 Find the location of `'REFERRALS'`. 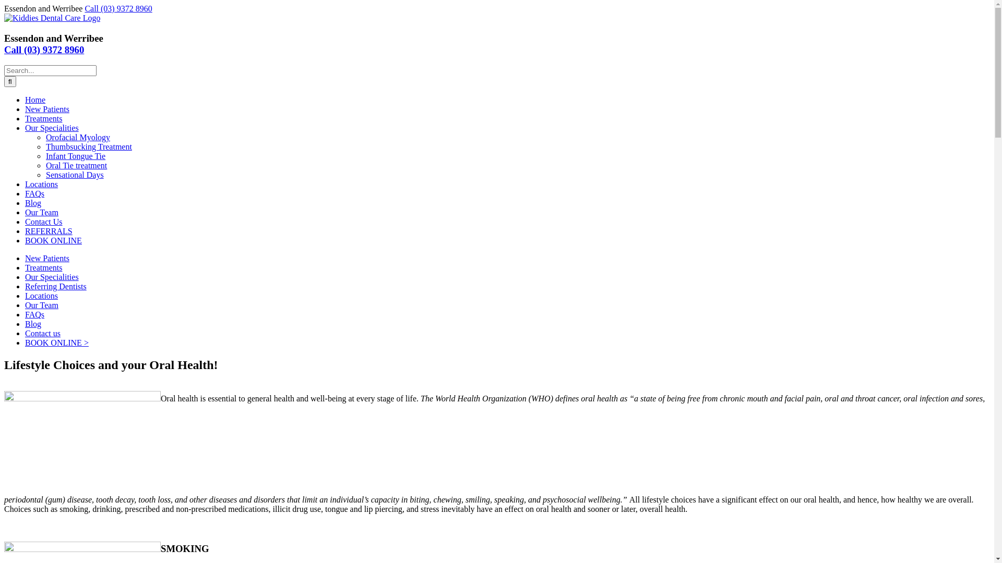

'REFERRALS' is located at coordinates (48, 230).